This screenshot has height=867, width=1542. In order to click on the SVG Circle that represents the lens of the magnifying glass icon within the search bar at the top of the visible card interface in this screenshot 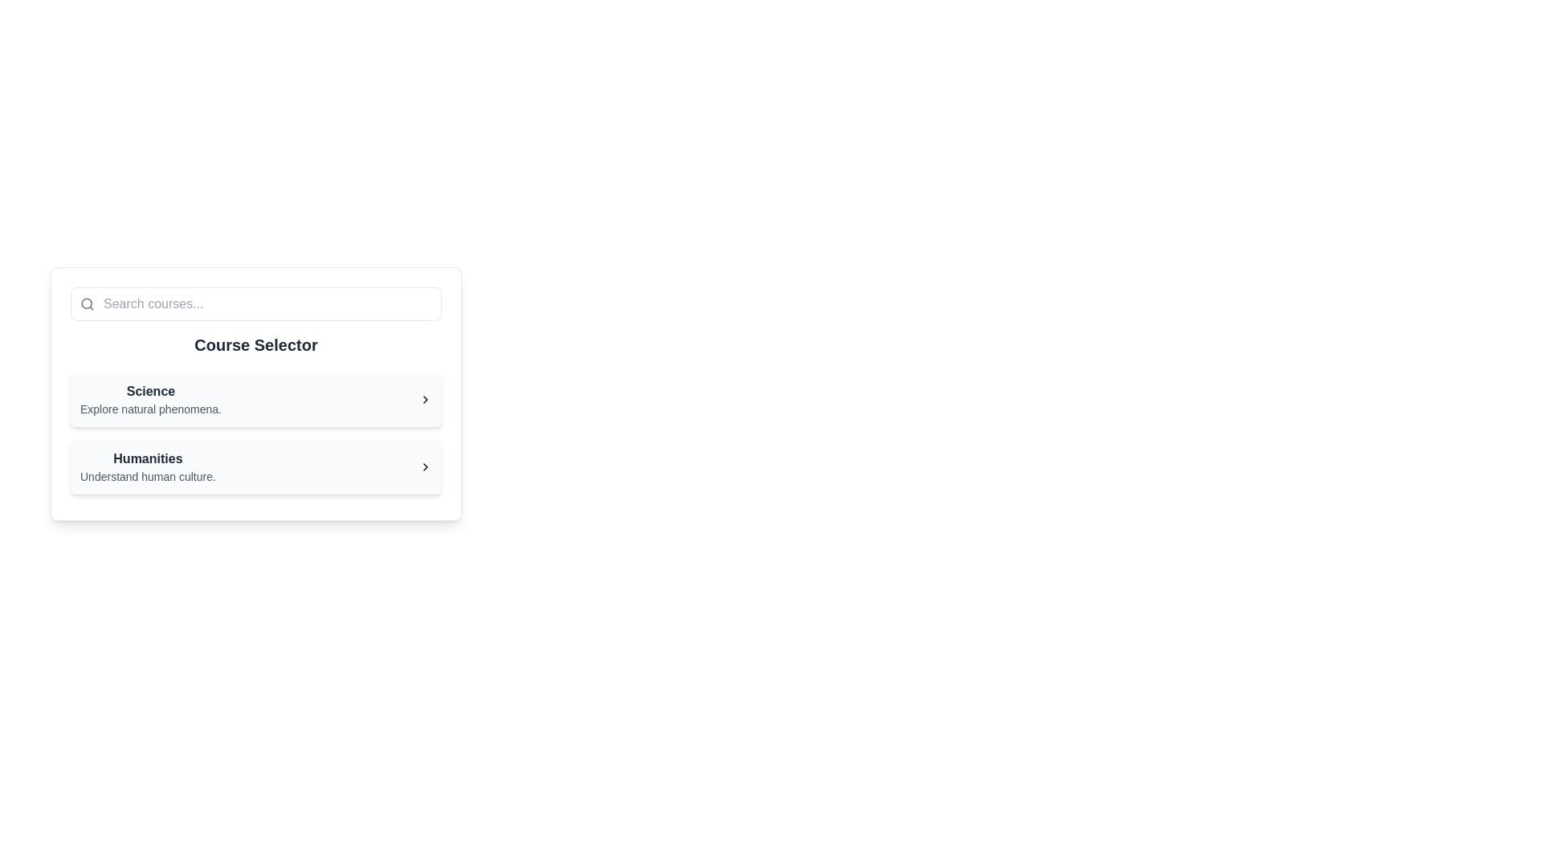, I will do `click(86, 303)`.